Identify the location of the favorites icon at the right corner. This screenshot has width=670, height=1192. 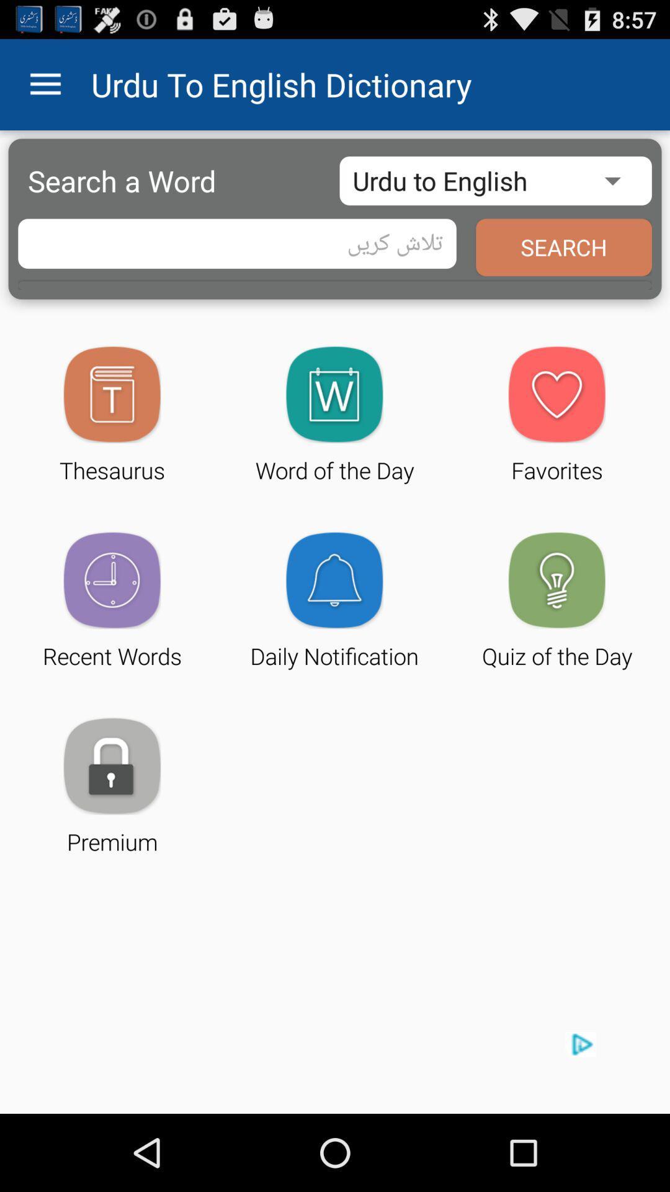
(556, 394).